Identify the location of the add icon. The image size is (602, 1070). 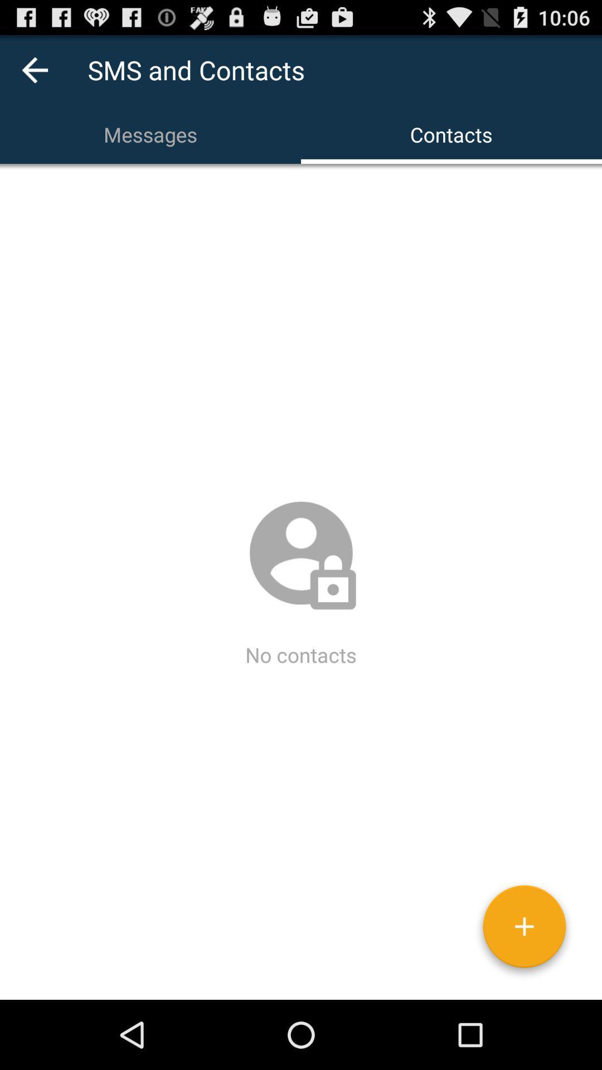
(524, 996).